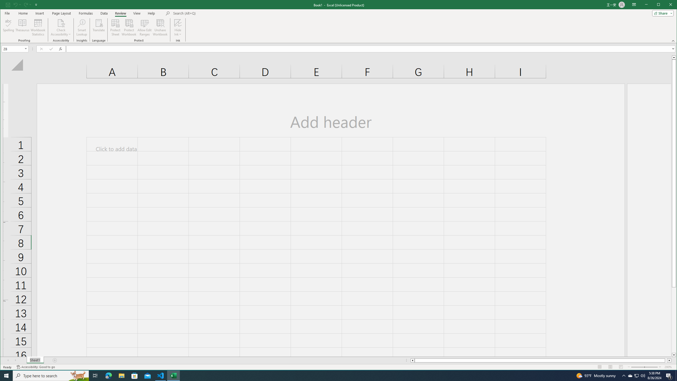 This screenshot has width=677, height=381. I want to click on 'Microsoft Edge', so click(108, 375).